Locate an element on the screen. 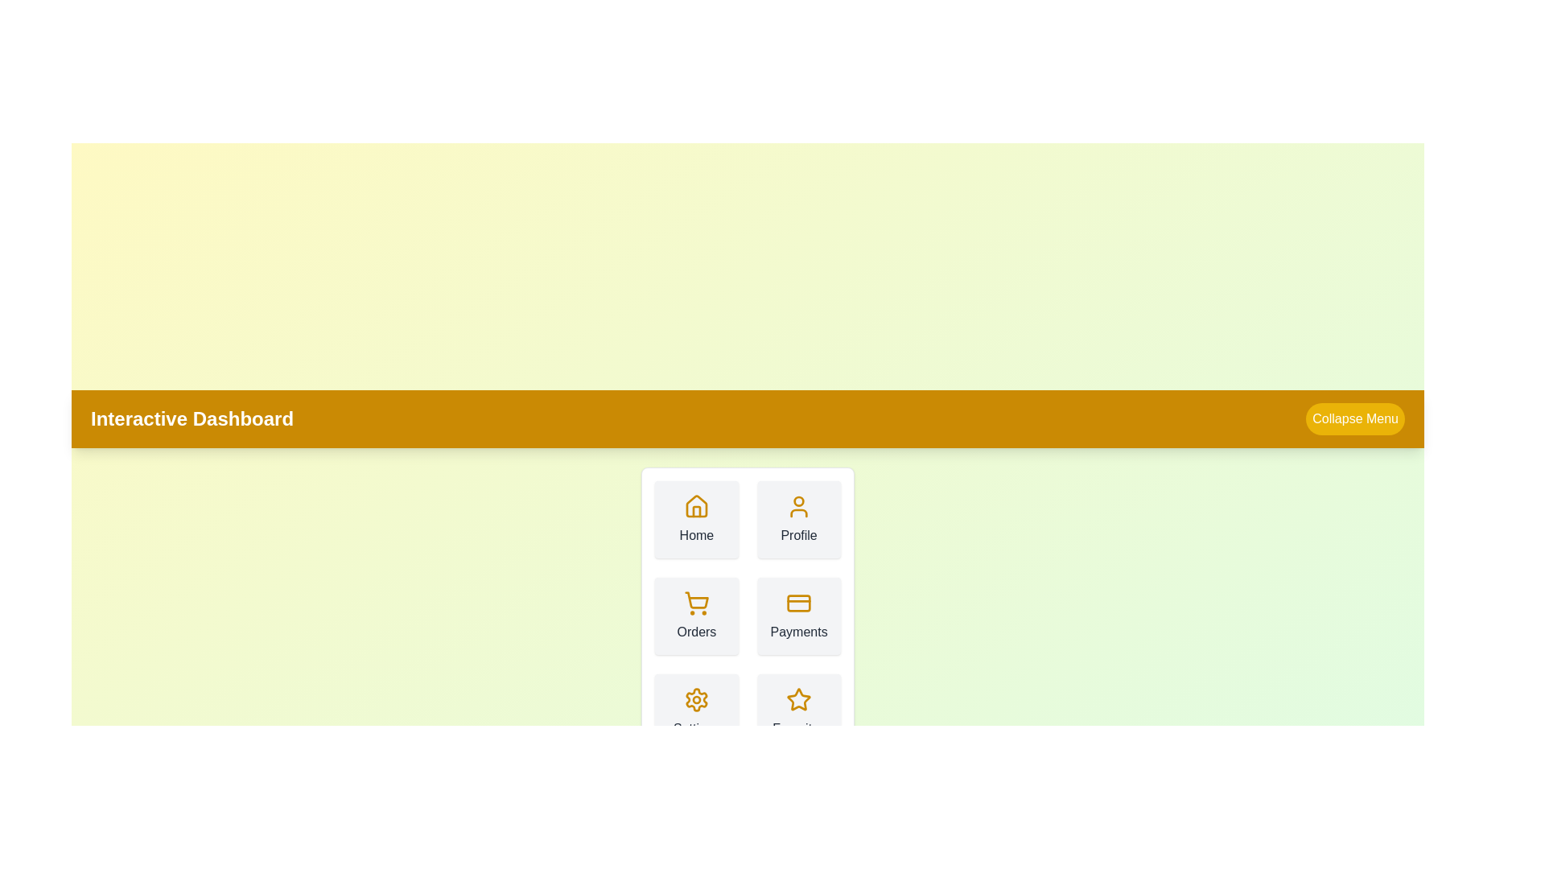 The height and width of the screenshot is (869, 1545). the 'Orders' button in the menu is located at coordinates (696, 616).